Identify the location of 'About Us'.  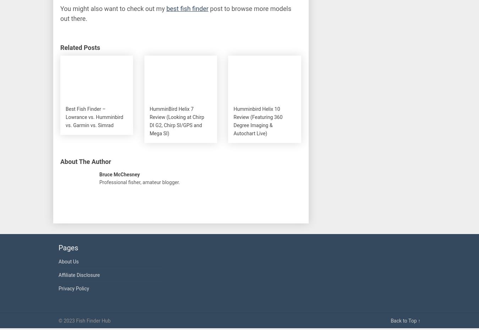
(68, 261).